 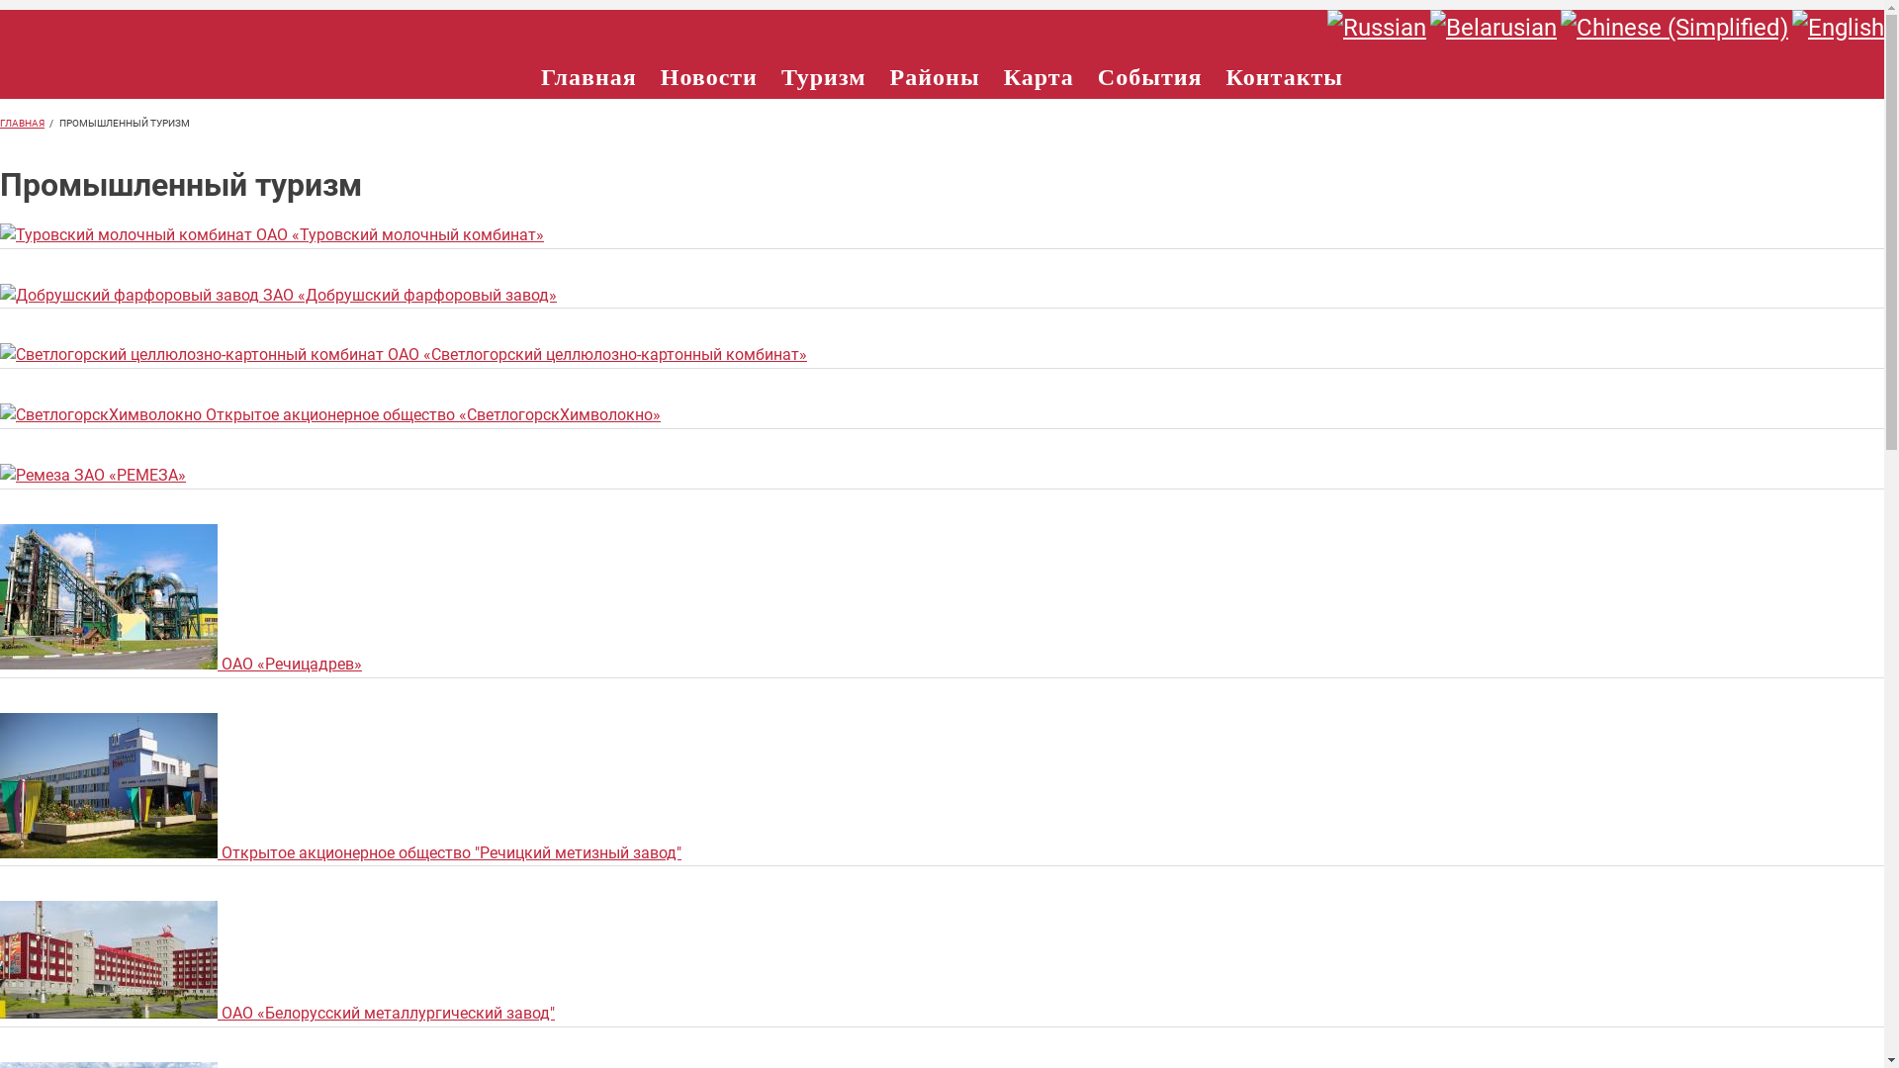 What do you see at coordinates (1560, 27) in the screenshot?
I see `'Chinese (Simplified)'` at bounding box center [1560, 27].